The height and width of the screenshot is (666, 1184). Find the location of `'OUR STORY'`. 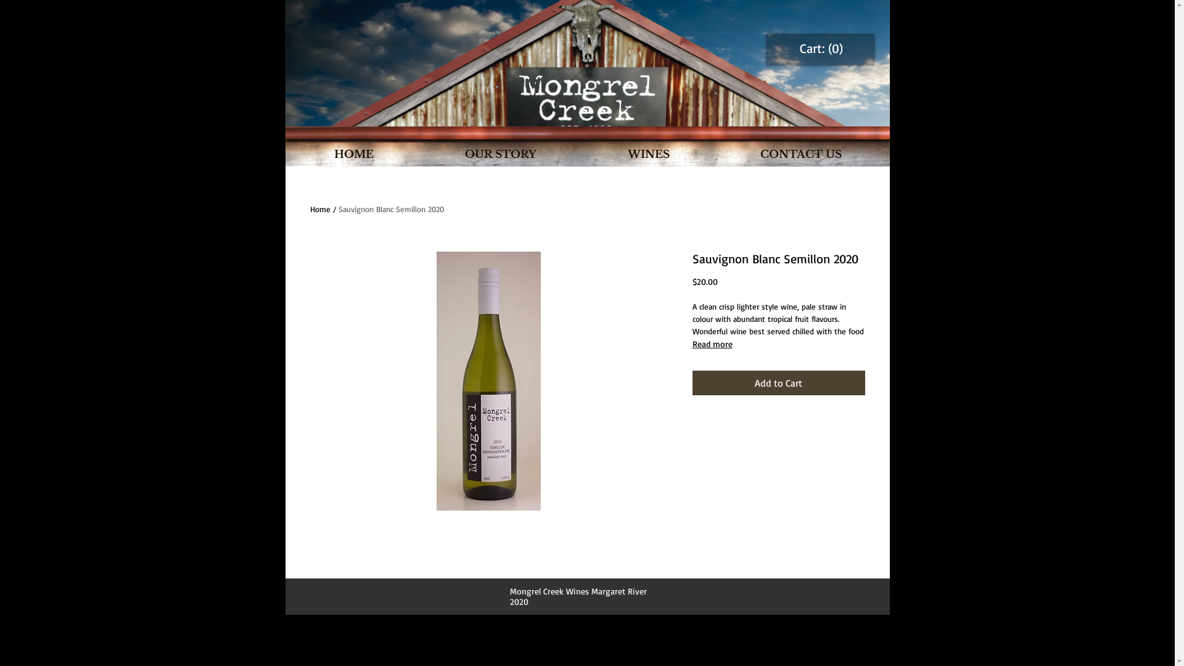

'OUR STORY' is located at coordinates (500, 154).